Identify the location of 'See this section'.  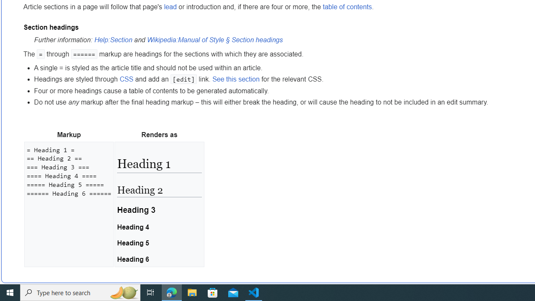
(236, 79).